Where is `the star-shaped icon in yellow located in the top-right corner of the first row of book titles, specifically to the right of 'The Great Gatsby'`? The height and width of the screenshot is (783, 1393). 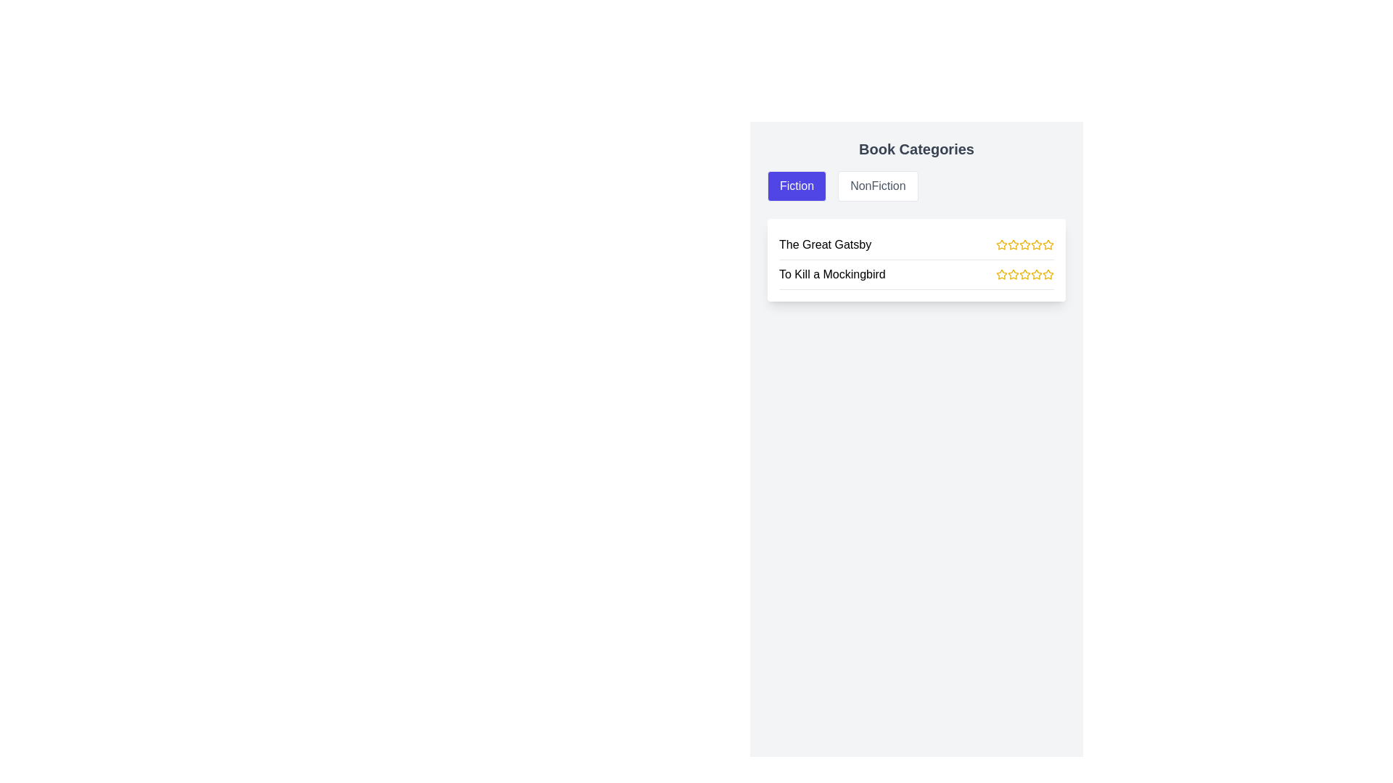 the star-shaped icon in yellow located in the top-right corner of the first row of book titles, specifically to the right of 'The Great Gatsby' is located at coordinates (1048, 244).